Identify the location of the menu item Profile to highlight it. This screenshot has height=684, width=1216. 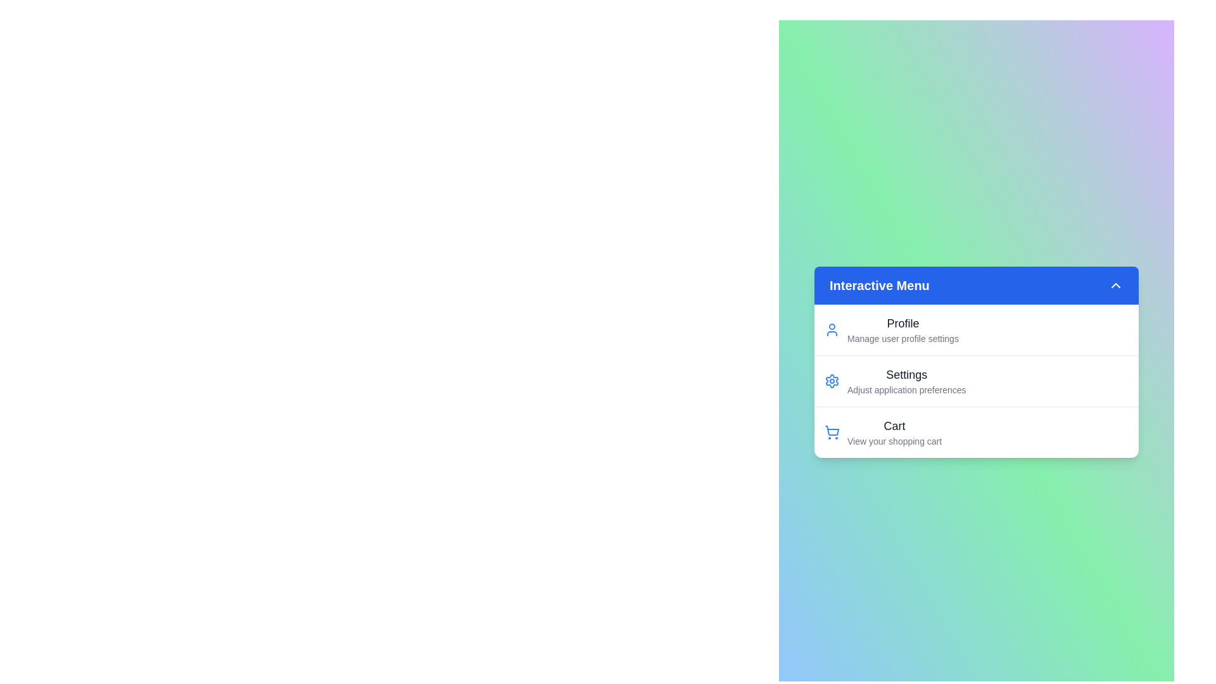
(886, 316).